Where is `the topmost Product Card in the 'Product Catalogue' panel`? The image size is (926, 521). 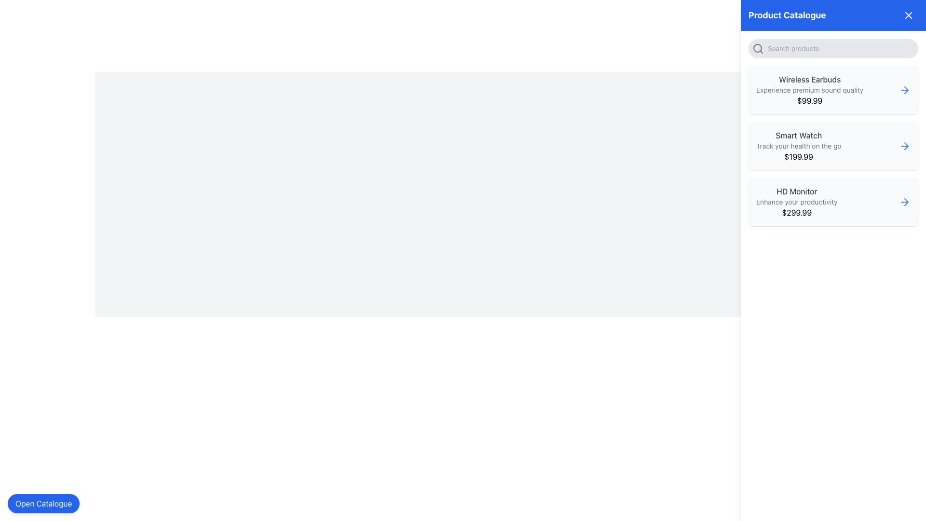 the topmost Product Card in the 'Product Catalogue' panel is located at coordinates (833, 90).